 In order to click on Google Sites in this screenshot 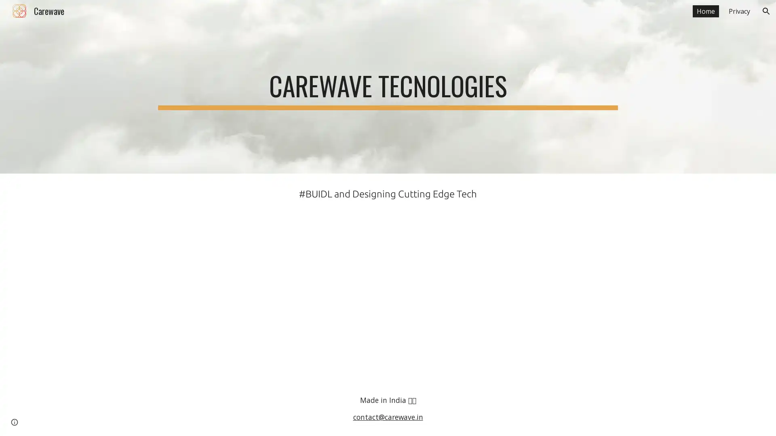, I will do `click(39, 421)`.